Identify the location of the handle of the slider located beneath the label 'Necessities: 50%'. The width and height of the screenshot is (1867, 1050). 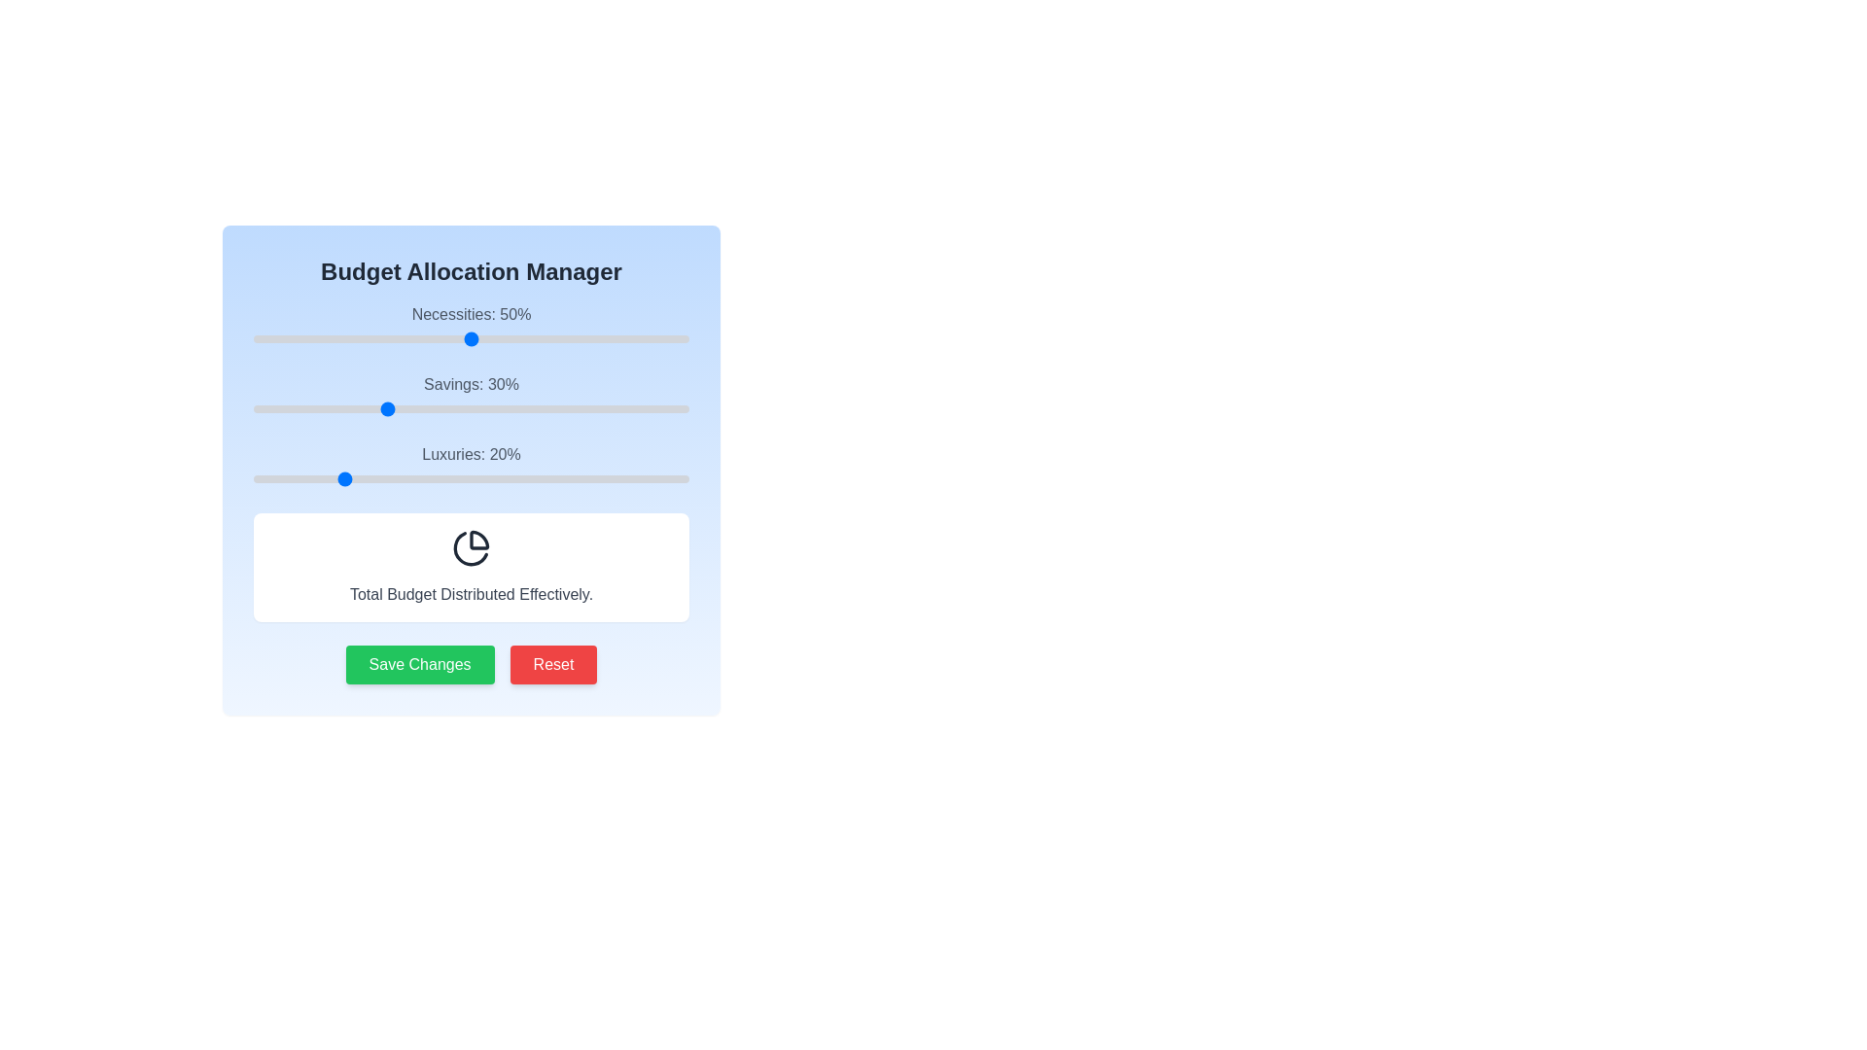
(471, 337).